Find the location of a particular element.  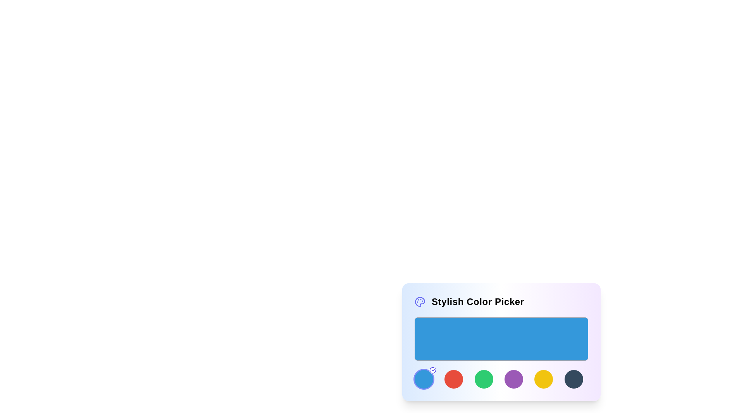

text from the bold, black text label saying 'Stylish Color Picker' that is centered horizontally near the top of a colorful interface component is located at coordinates (477, 301).